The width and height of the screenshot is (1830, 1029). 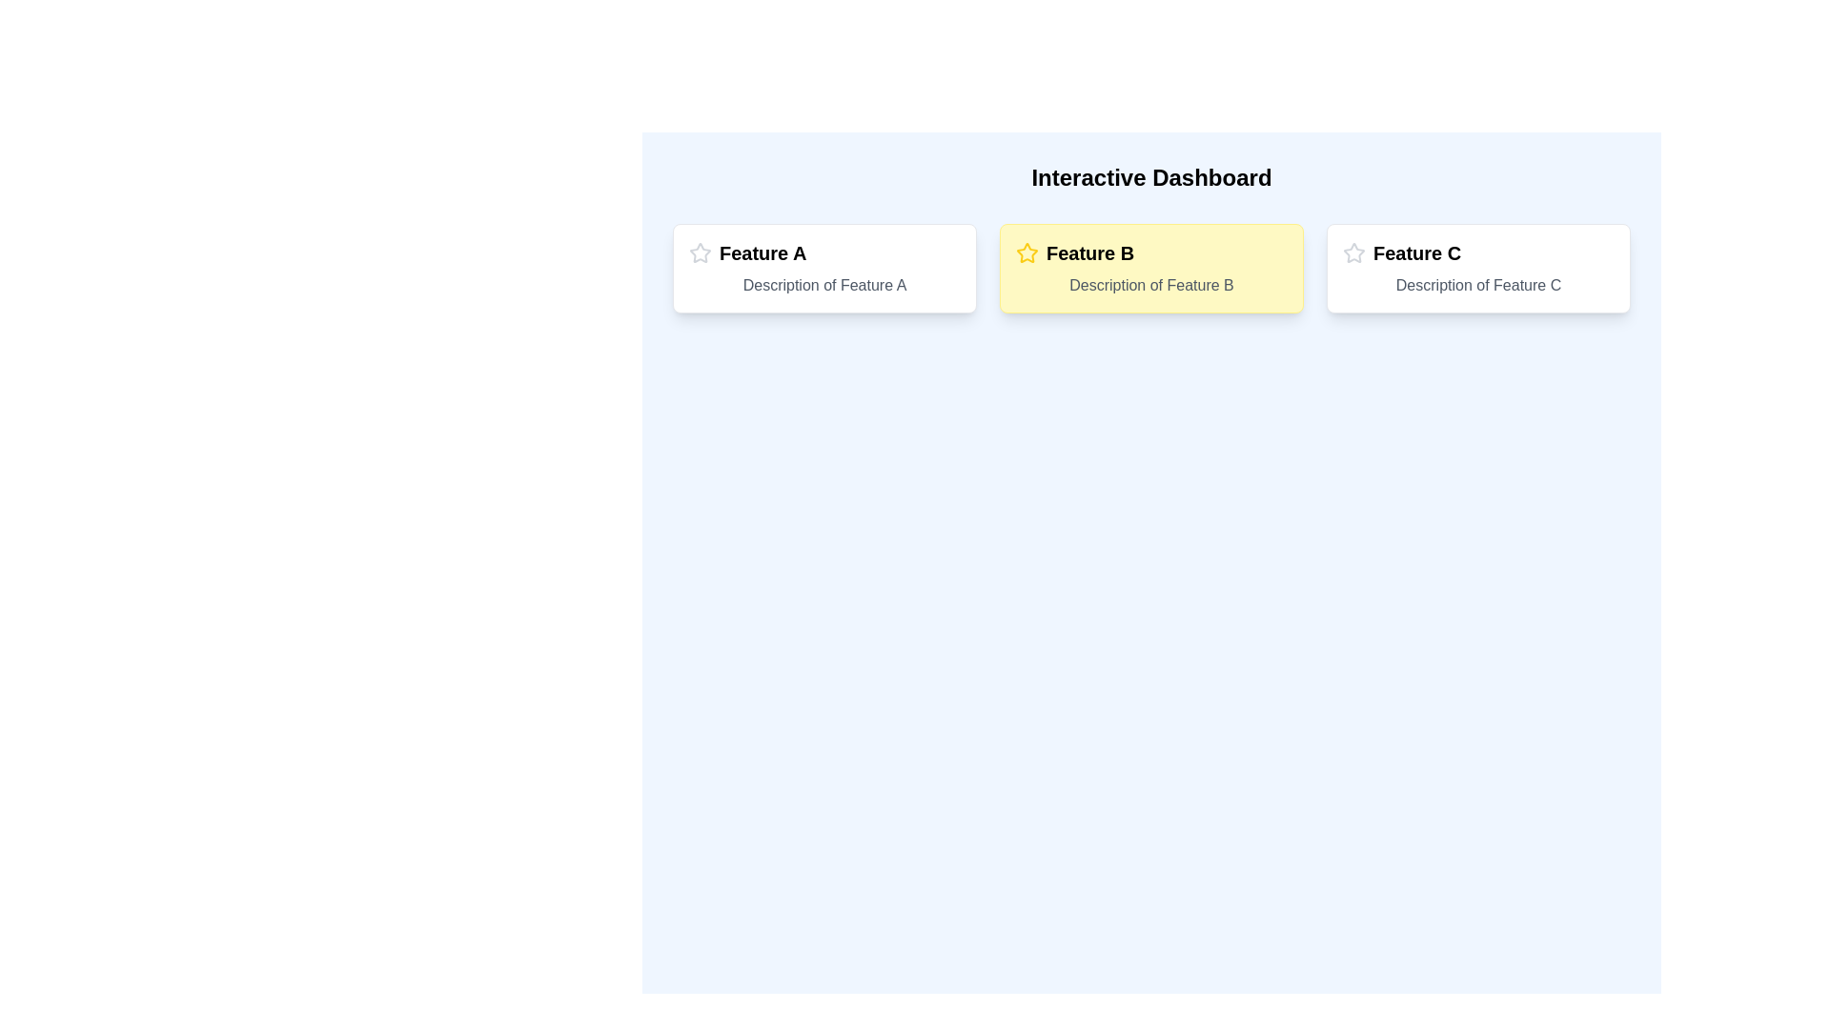 I want to click on the star-shaped icon located in the 'Feature A' section, which is styled with a thin outline and dimensions of 24x24 pixels, positioned immediately to the left of the text 'Feature A', so click(x=699, y=252).